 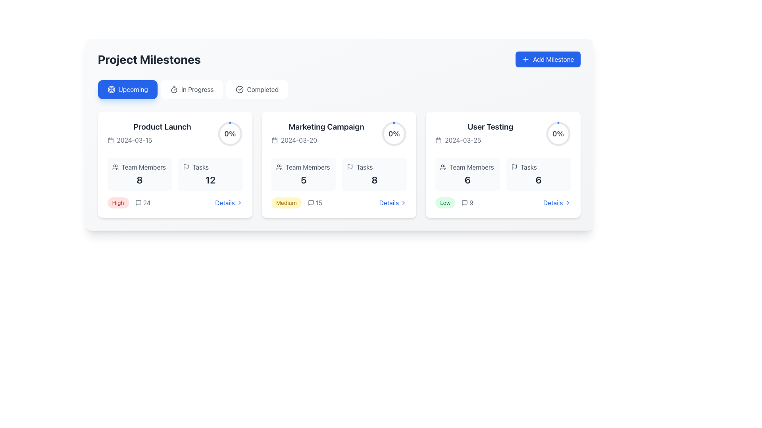 What do you see at coordinates (314, 203) in the screenshot?
I see `the number in the Icon and text group that displays the count of comments or messages in the third segment of the second card under the 'Marketing Campaign' section` at bounding box center [314, 203].